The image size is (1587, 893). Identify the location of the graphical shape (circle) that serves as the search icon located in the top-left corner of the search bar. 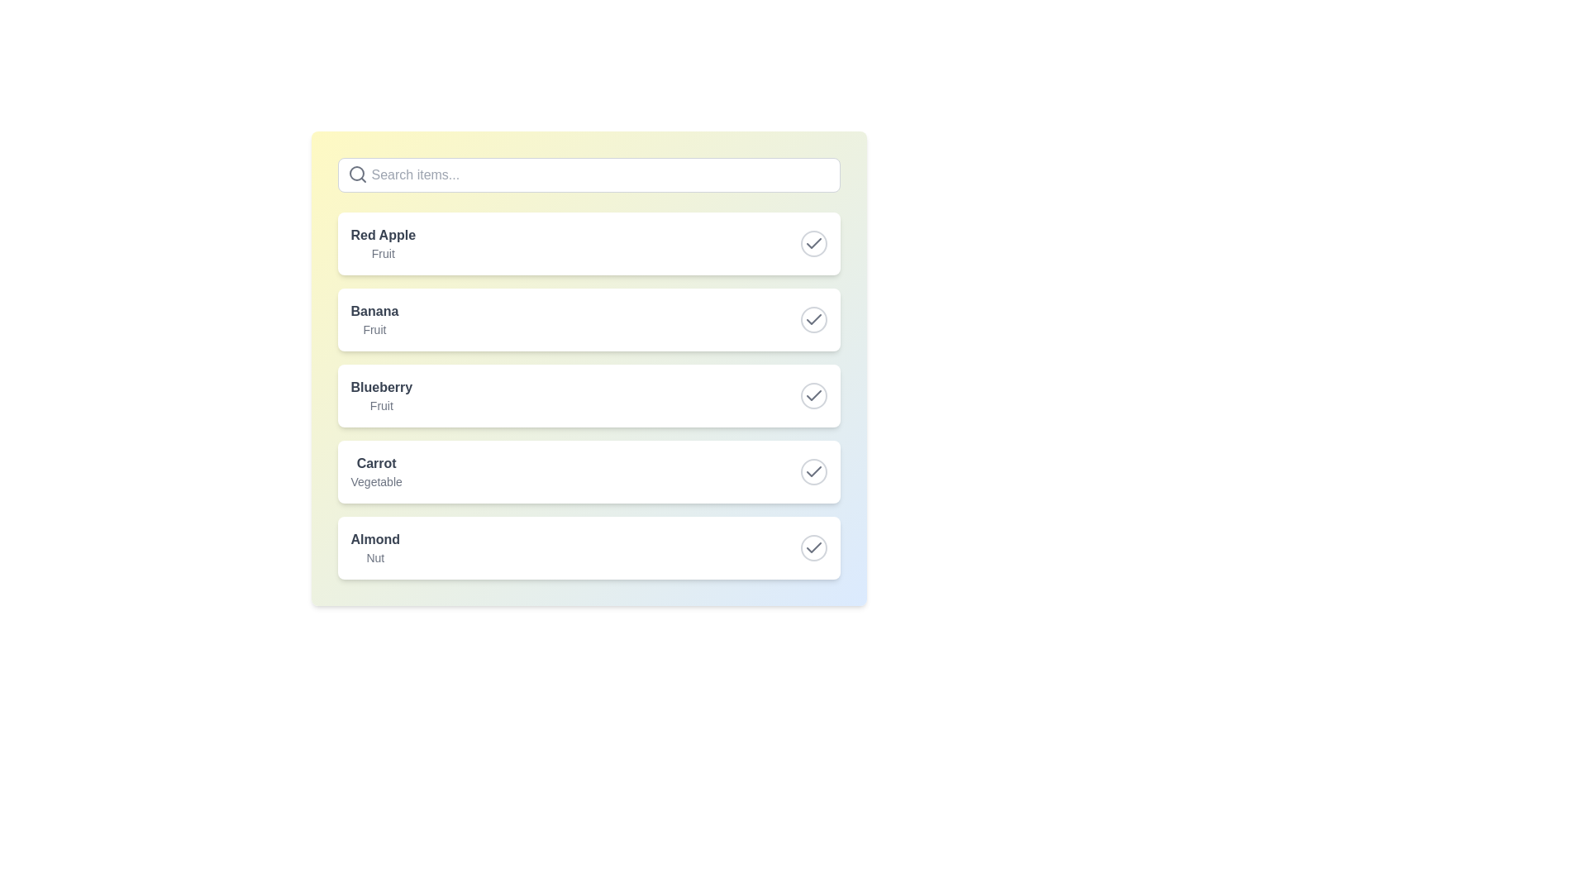
(355, 173).